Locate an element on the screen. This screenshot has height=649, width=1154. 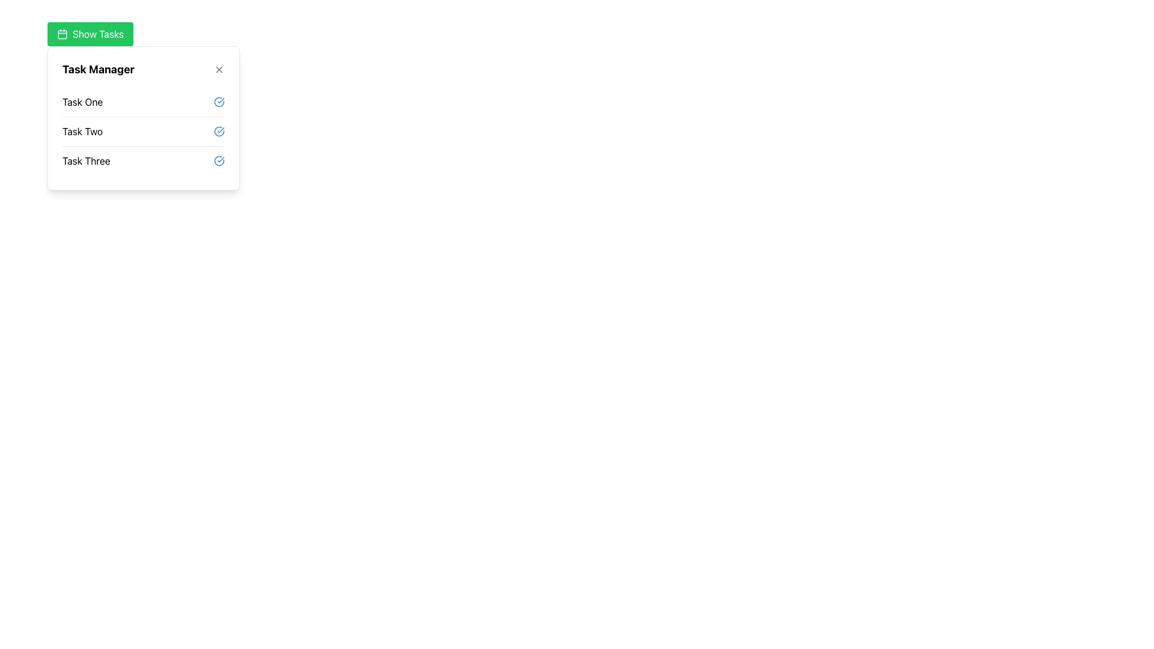
the interactive status icon is located at coordinates (219, 101).